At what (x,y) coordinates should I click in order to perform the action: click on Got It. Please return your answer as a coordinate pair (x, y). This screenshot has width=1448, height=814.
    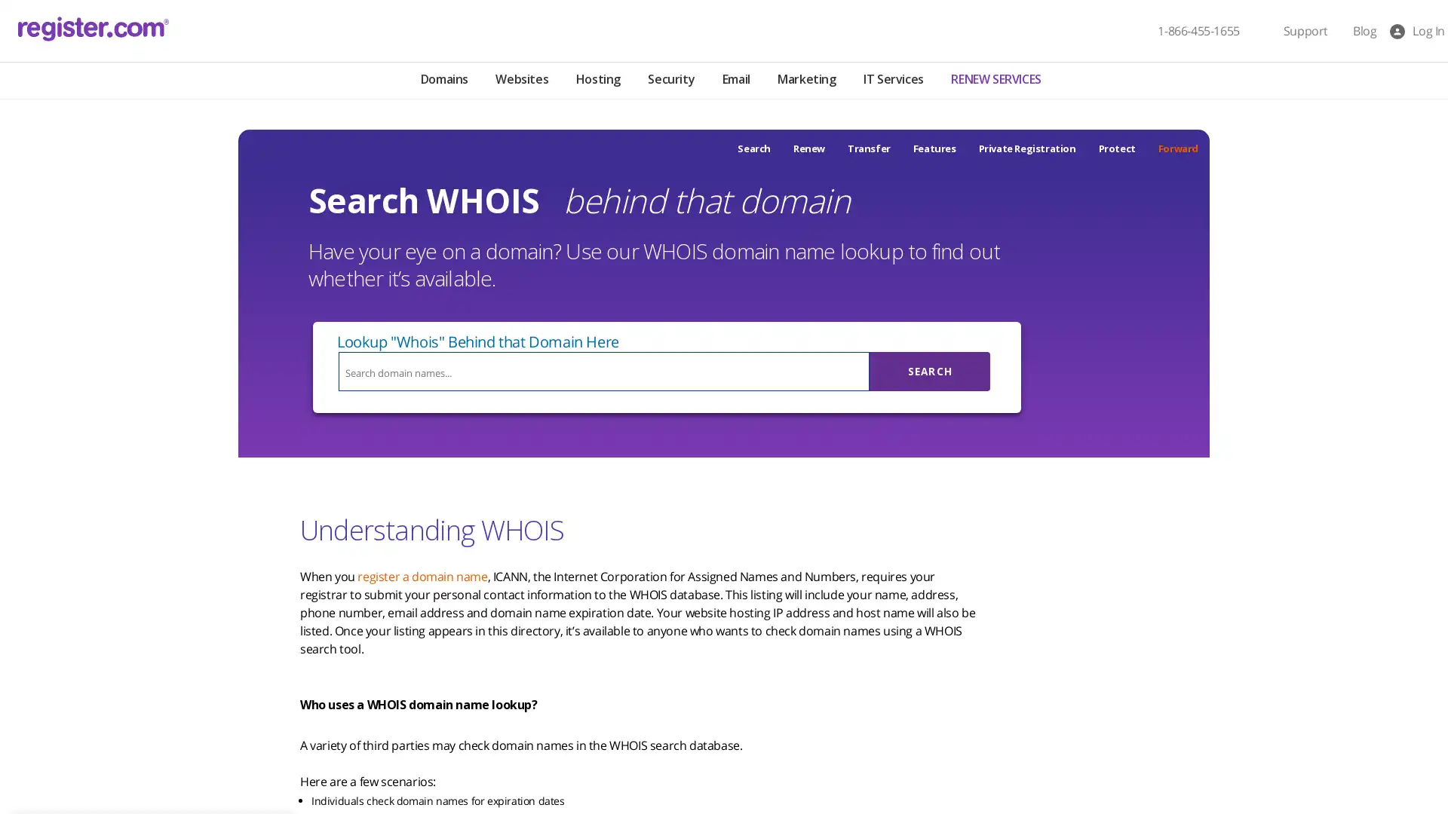
    Looking at the image, I should click on (153, 727).